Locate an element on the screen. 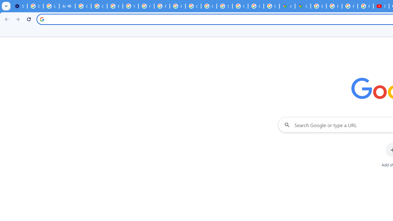 The width and height of the screenshot is (393, 221). 'Delete photos & videos - Computer - Google Photos Help' is located at coordinates (35, 6).